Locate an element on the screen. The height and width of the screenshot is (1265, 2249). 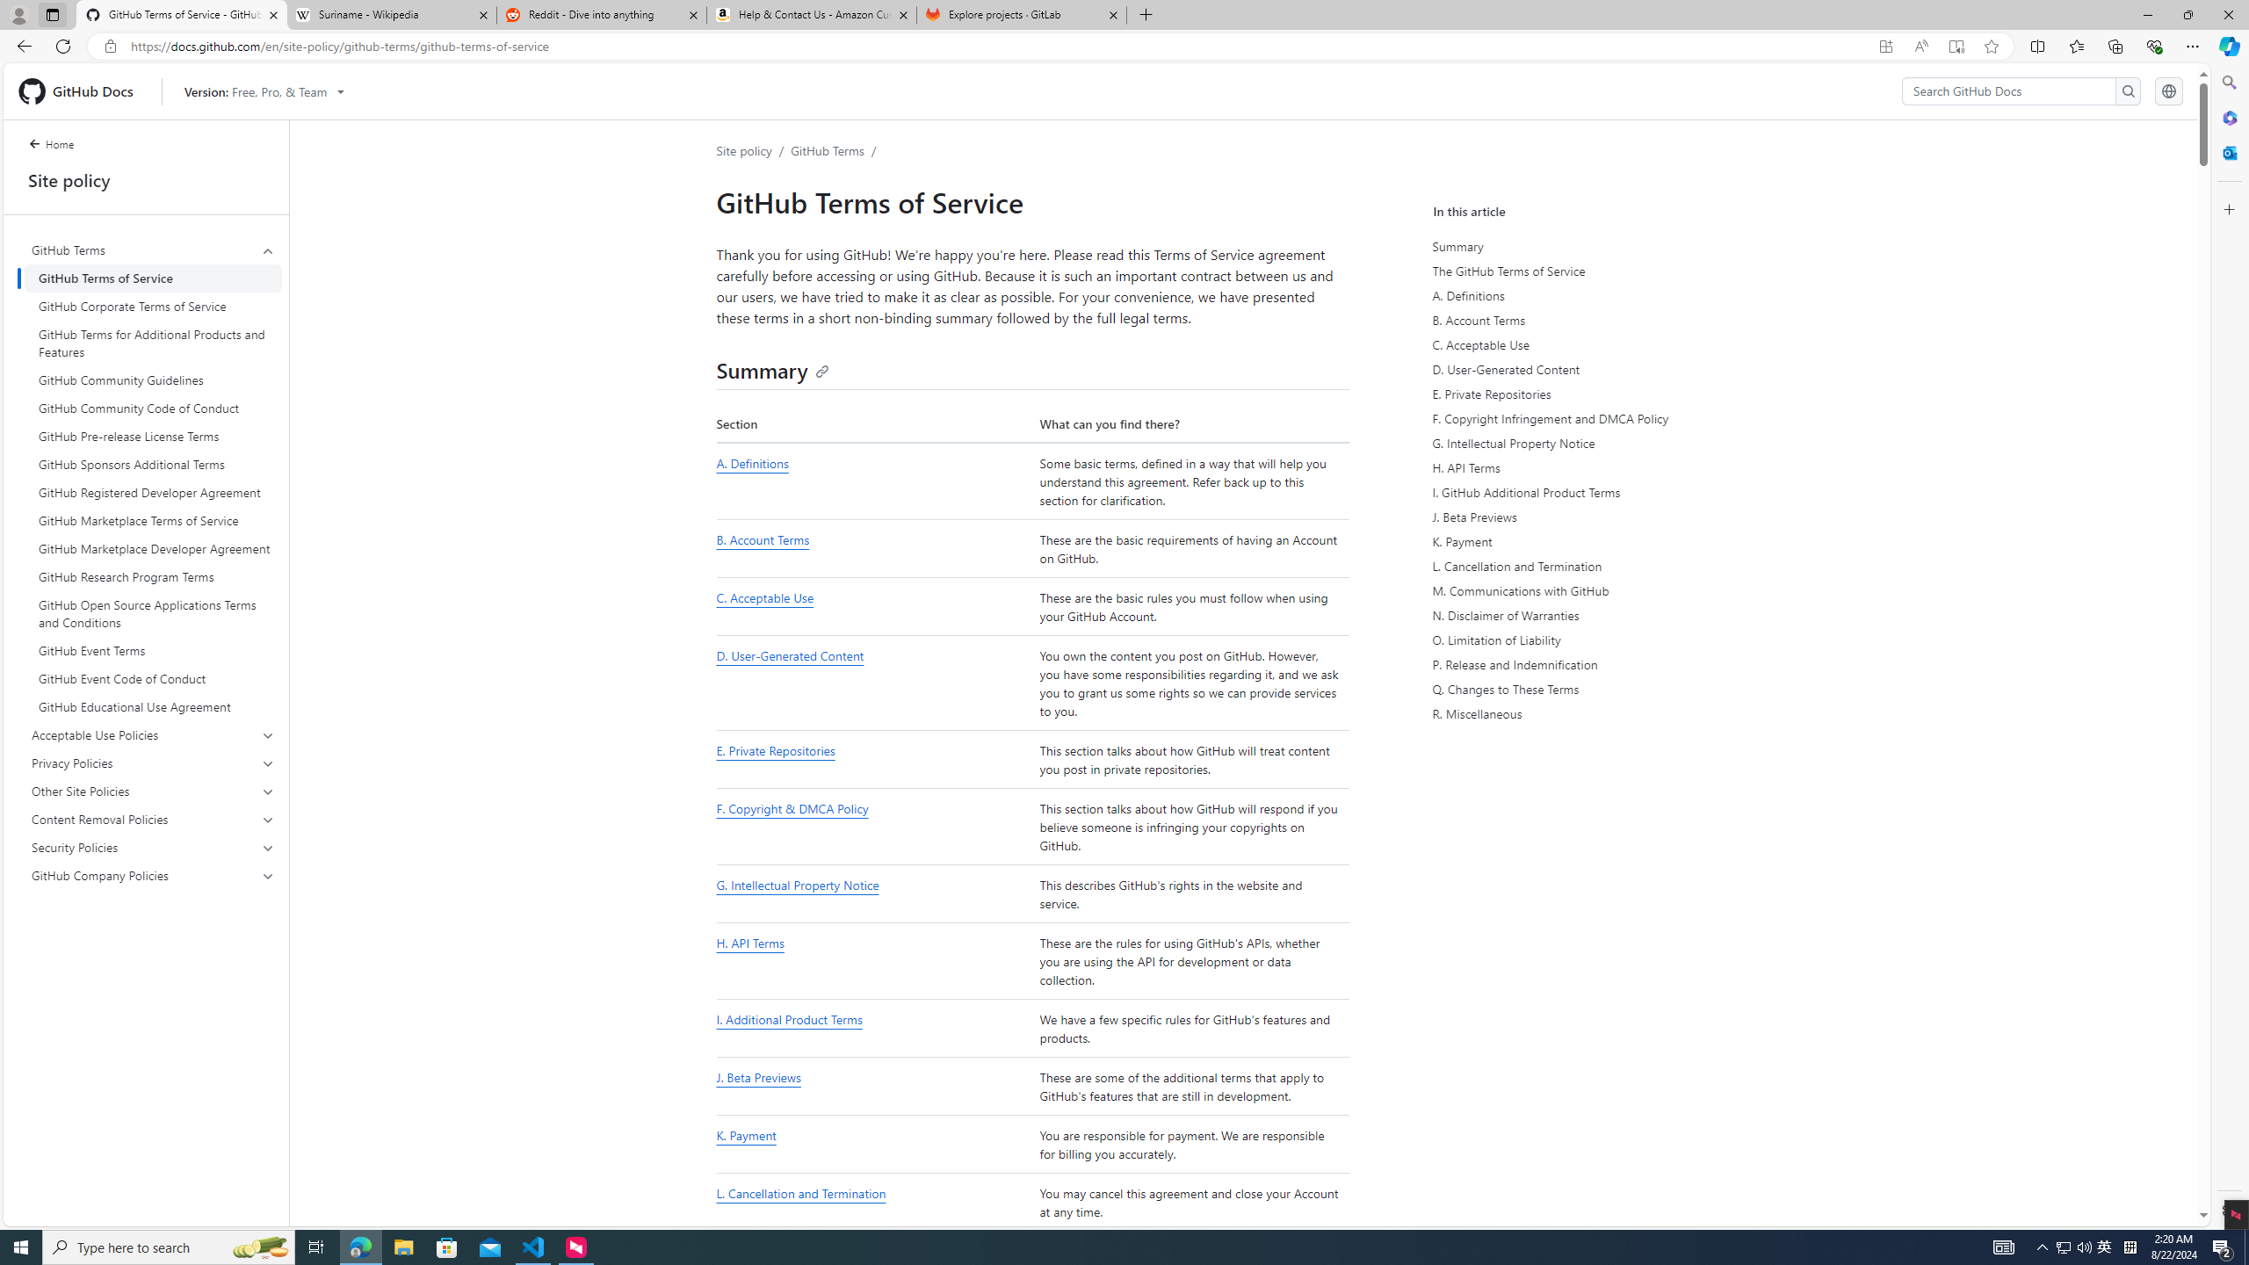
'F. Copyright Infringement and DMCA Policy' is located at coordinates (1597, 418).